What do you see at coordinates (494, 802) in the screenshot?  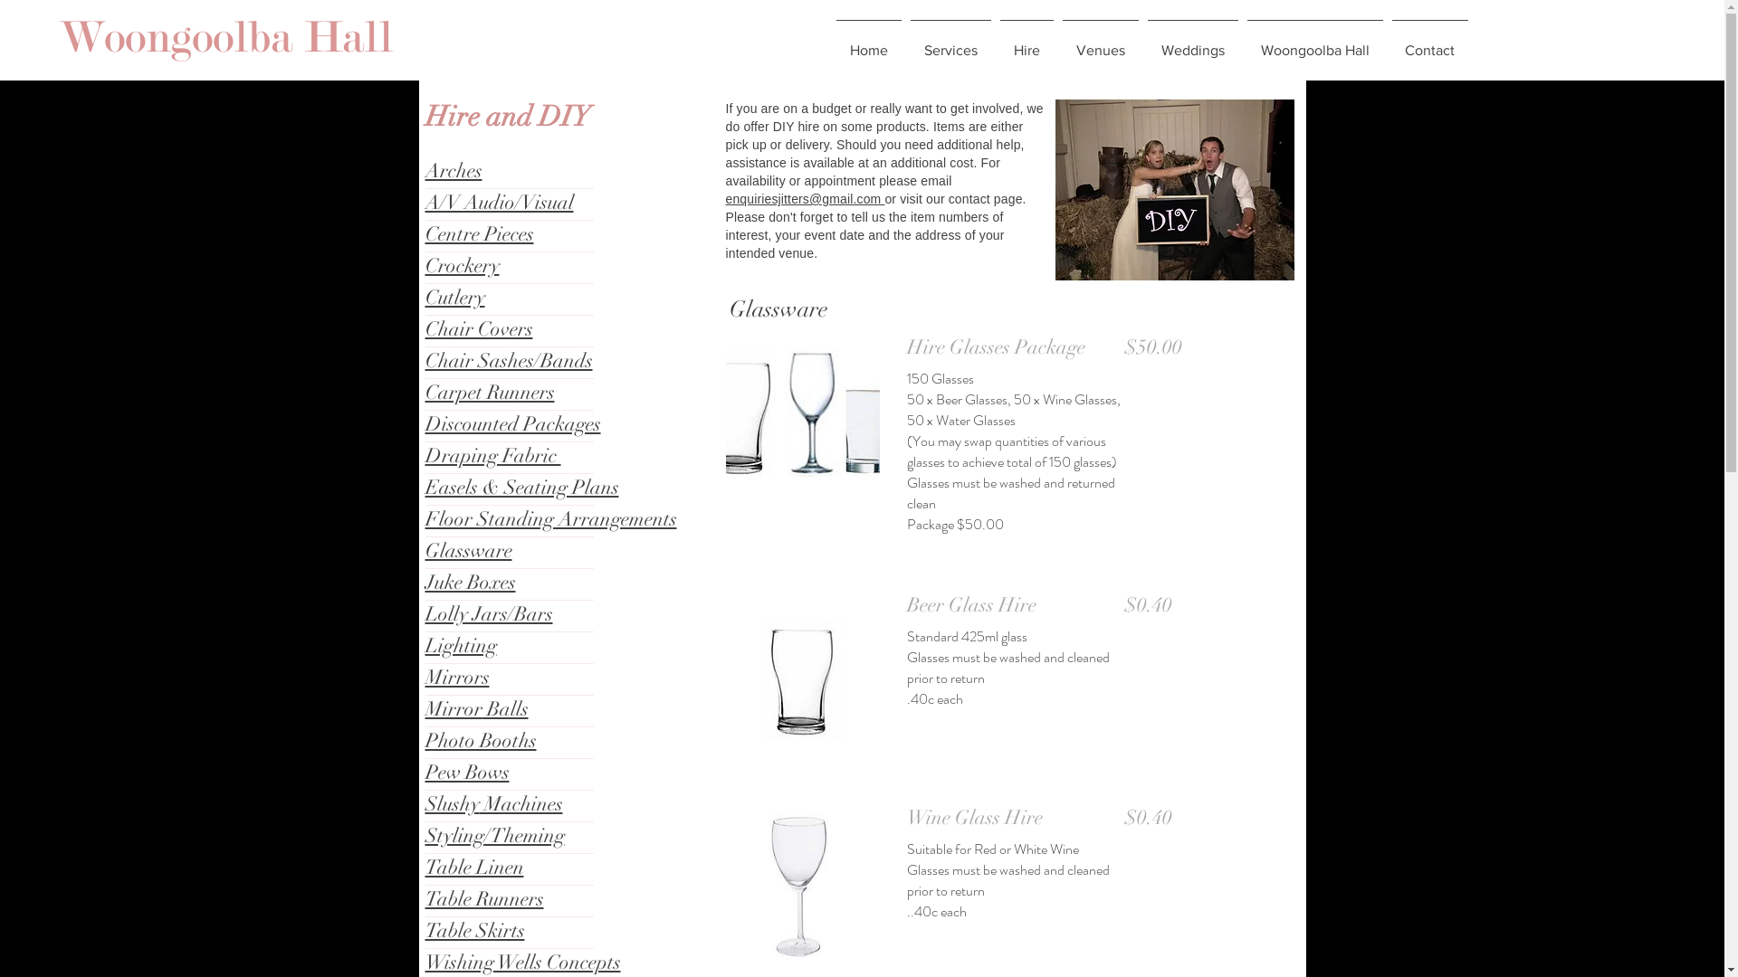 I see `'Slushy Machines'` at bounding box center [494, 802].